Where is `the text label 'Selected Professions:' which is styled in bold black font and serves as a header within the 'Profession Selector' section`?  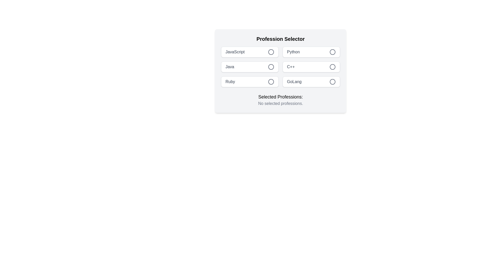
the text label 'Selected Professions:' which is styled in bold black font and serves as a header within the 'Profession Selector' section is located at coordinates (280, 97).